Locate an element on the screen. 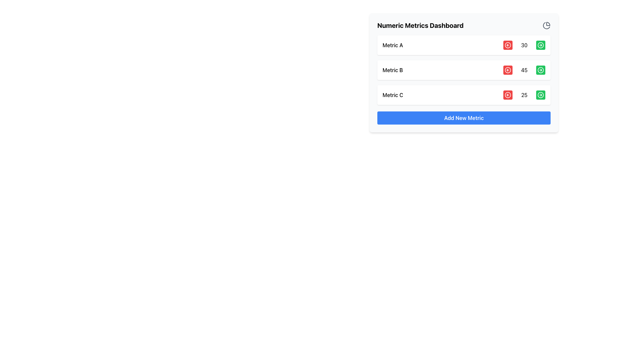  the Text Label displaying 'Metric B', which is the primary descriptor for the second item in the Numeric Metrics Dashboard list is located at coordinates (392, 70).